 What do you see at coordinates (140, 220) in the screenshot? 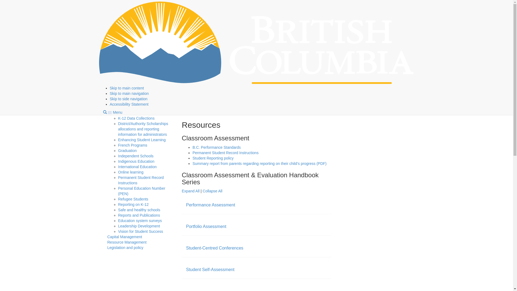
I see `'Education system surveys'` at bounding box center [140, 220].